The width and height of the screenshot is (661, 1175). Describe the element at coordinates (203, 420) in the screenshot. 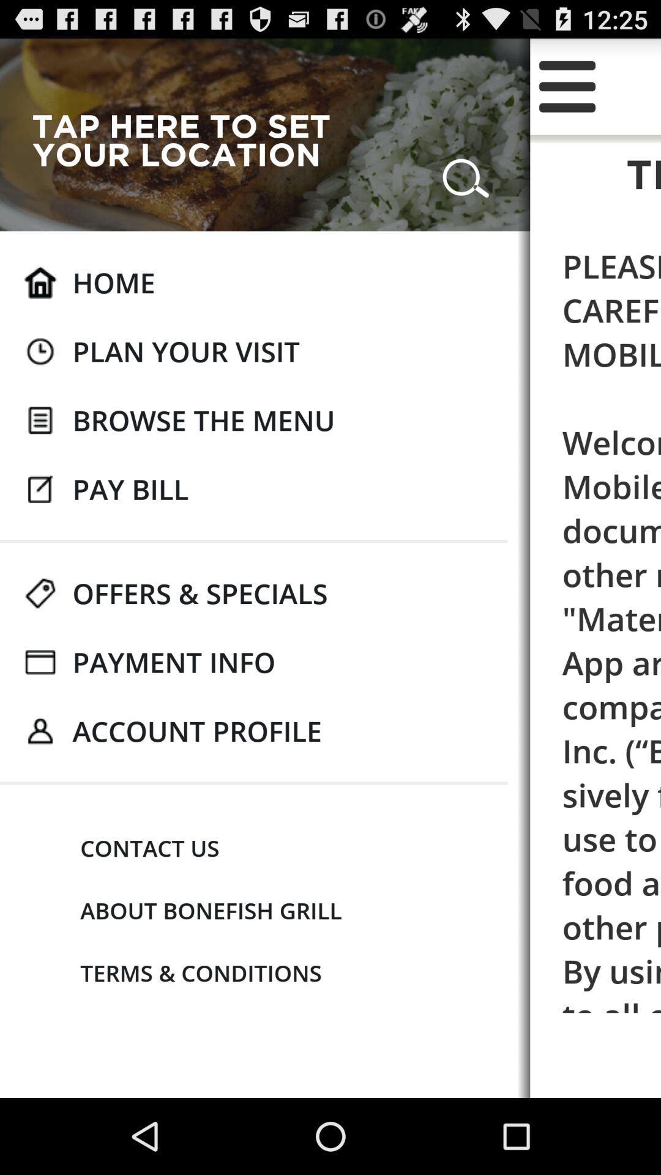

I see `icon next to please read these item` at that location.